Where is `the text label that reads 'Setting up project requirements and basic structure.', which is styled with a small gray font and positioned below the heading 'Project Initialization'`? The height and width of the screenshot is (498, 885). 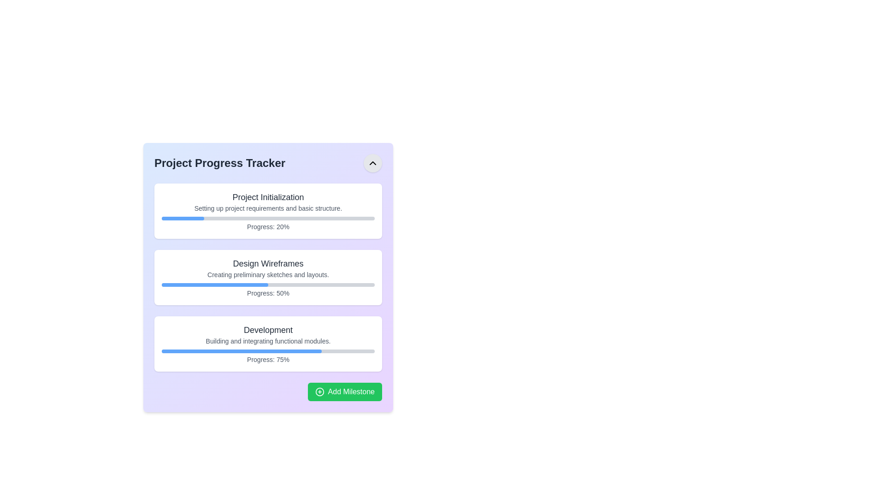
the text label that reads 'Setting up project requirements and basic structure.', which is styled with a small gray font and positioned below the heading 'Project Initialization' is located at coordinates (267, 208).